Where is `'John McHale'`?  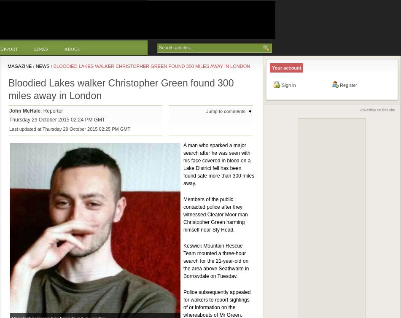
'John McHale' is located at coordinates (9, 110).